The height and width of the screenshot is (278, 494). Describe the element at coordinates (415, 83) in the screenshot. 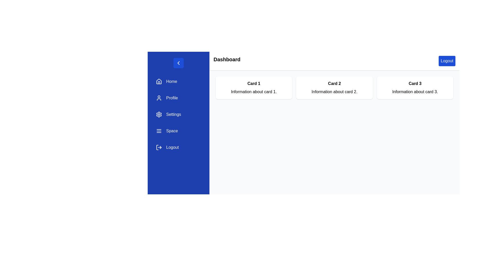

I see `the text label that identifies the card as 'Card 3', which is located at the top of the rightmost card among a set of three cards` at that location.